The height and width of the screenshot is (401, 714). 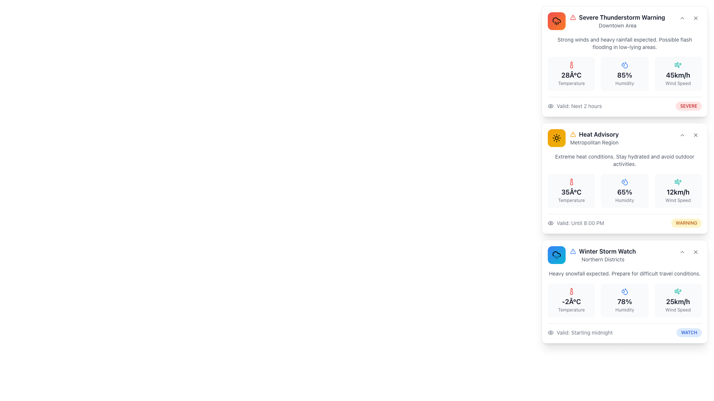 I want to click on the text element displaying the validity period of the current weather alert, located in the 'Severe Thunderstorm Warning' section above the 'SEVERE' label, so click(x=574, y=106).